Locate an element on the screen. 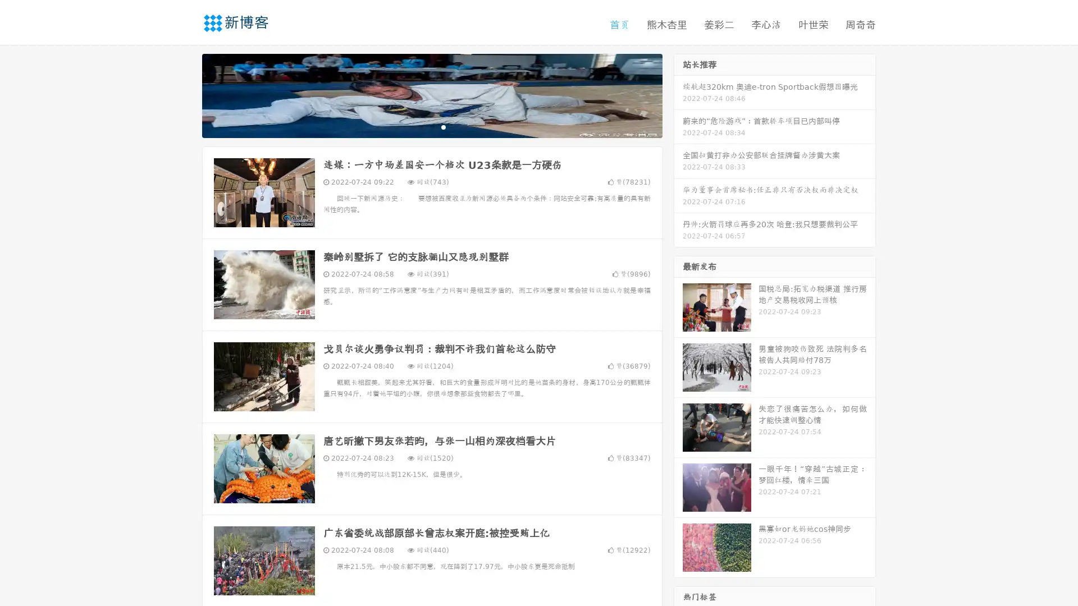  Go to slide 2 is located at coordinates (431, 126).